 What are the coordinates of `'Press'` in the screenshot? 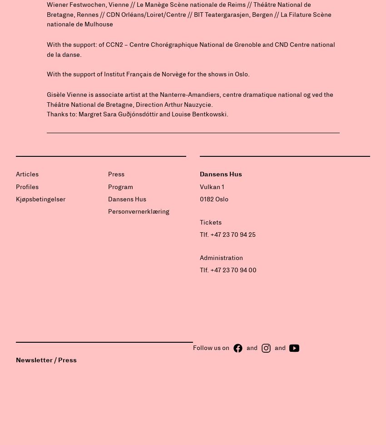 It's located at (116, 174).